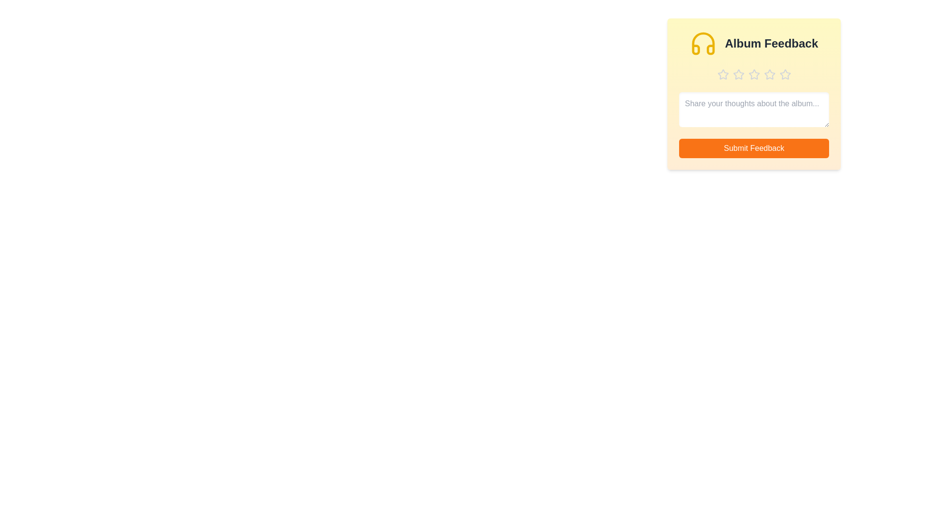 This screenshot has width=932, height=524. Describe the element at coordinates (723, 74) in the screenshot. I see `the album rating to 1 stars by clicking the corresponding star button` at that location.